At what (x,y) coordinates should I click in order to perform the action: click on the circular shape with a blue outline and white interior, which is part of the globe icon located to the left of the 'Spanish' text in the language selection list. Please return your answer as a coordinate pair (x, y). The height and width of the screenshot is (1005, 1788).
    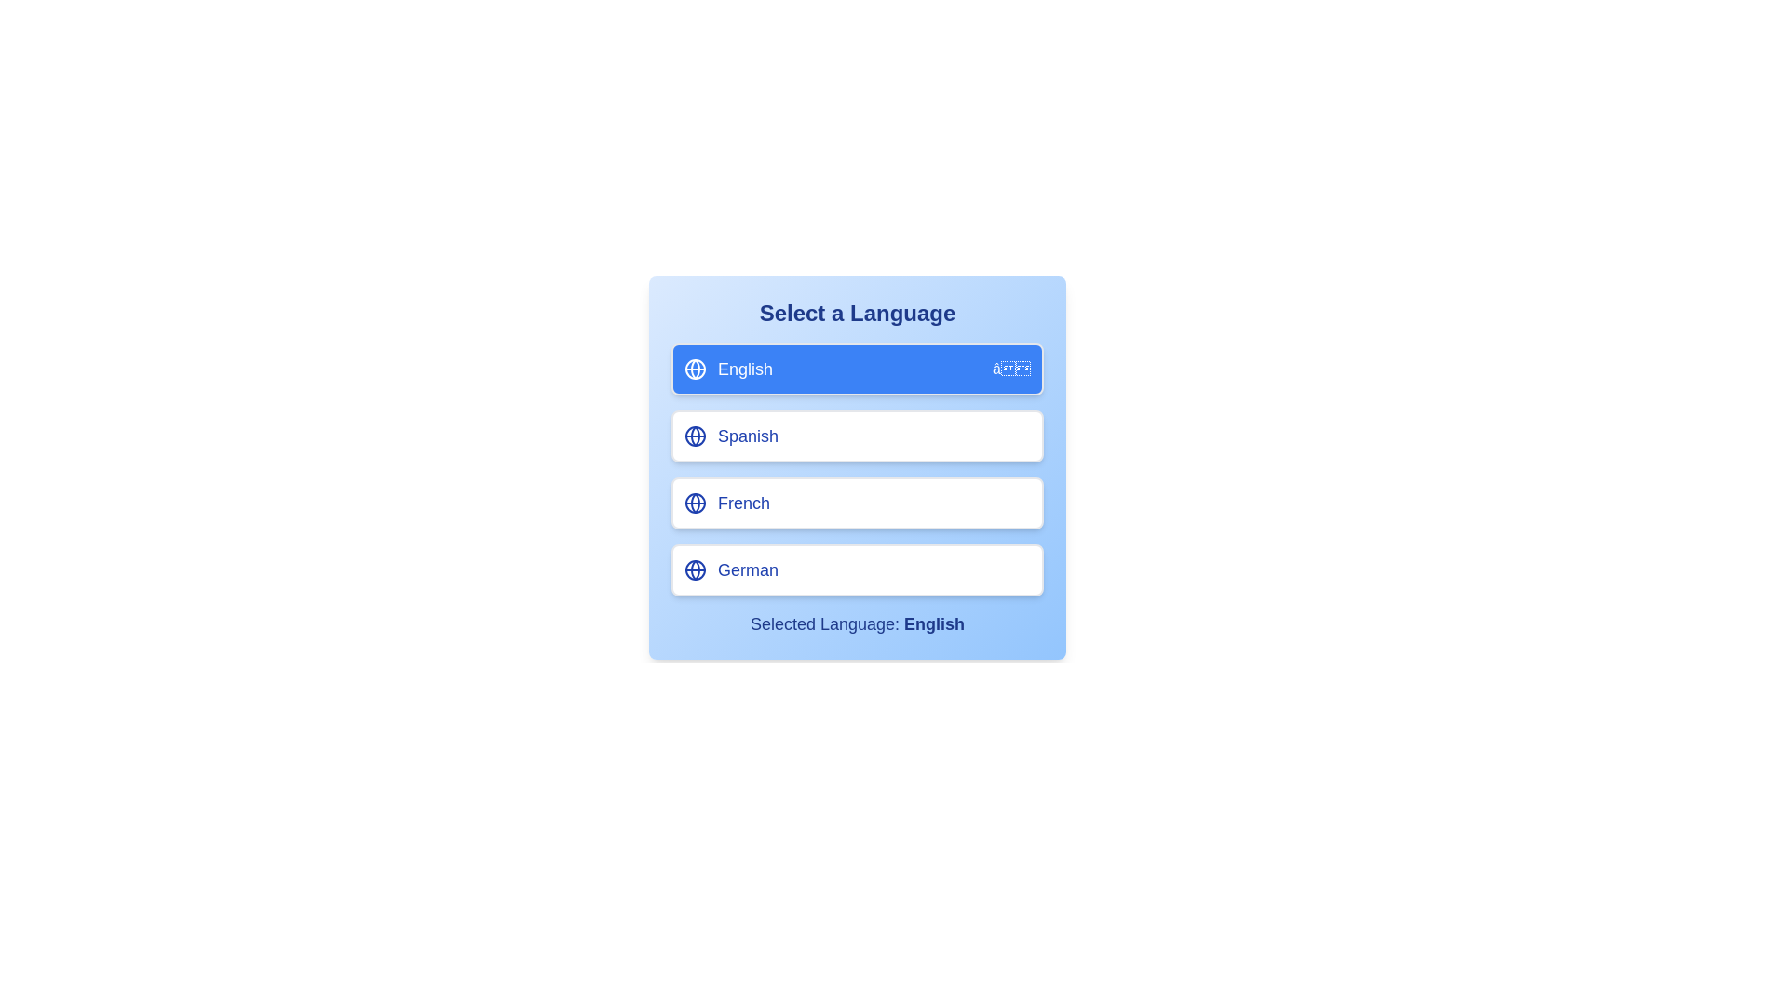
    Looking at the image, I should click on (695, 436).